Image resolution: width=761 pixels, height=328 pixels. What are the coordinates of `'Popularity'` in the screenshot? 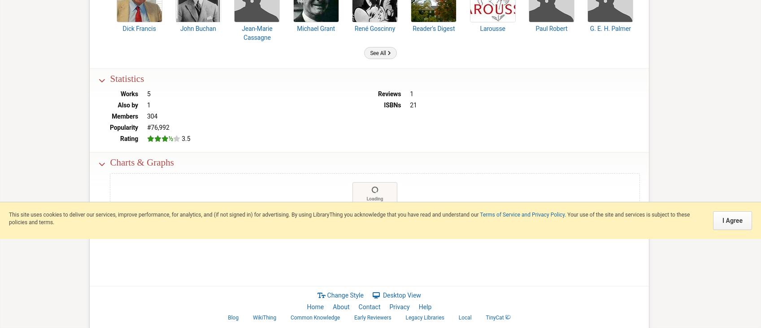 It's located at (109, 127).